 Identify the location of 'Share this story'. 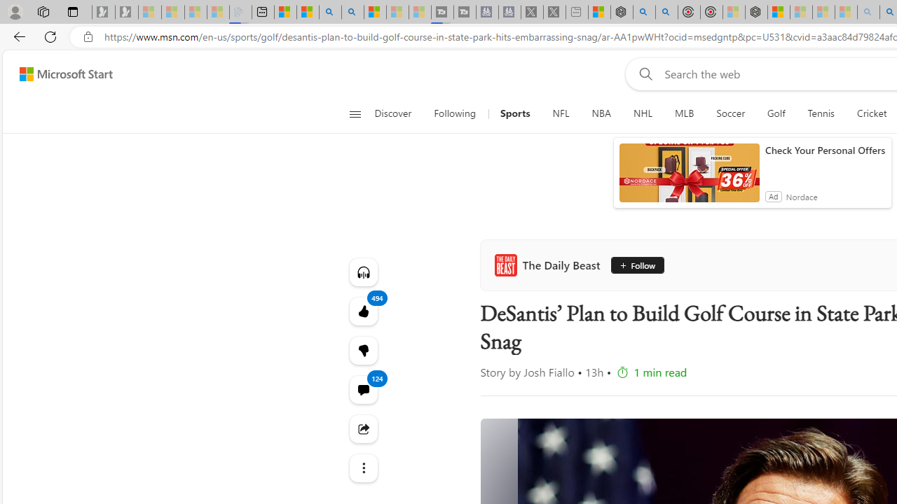
(363, 428).